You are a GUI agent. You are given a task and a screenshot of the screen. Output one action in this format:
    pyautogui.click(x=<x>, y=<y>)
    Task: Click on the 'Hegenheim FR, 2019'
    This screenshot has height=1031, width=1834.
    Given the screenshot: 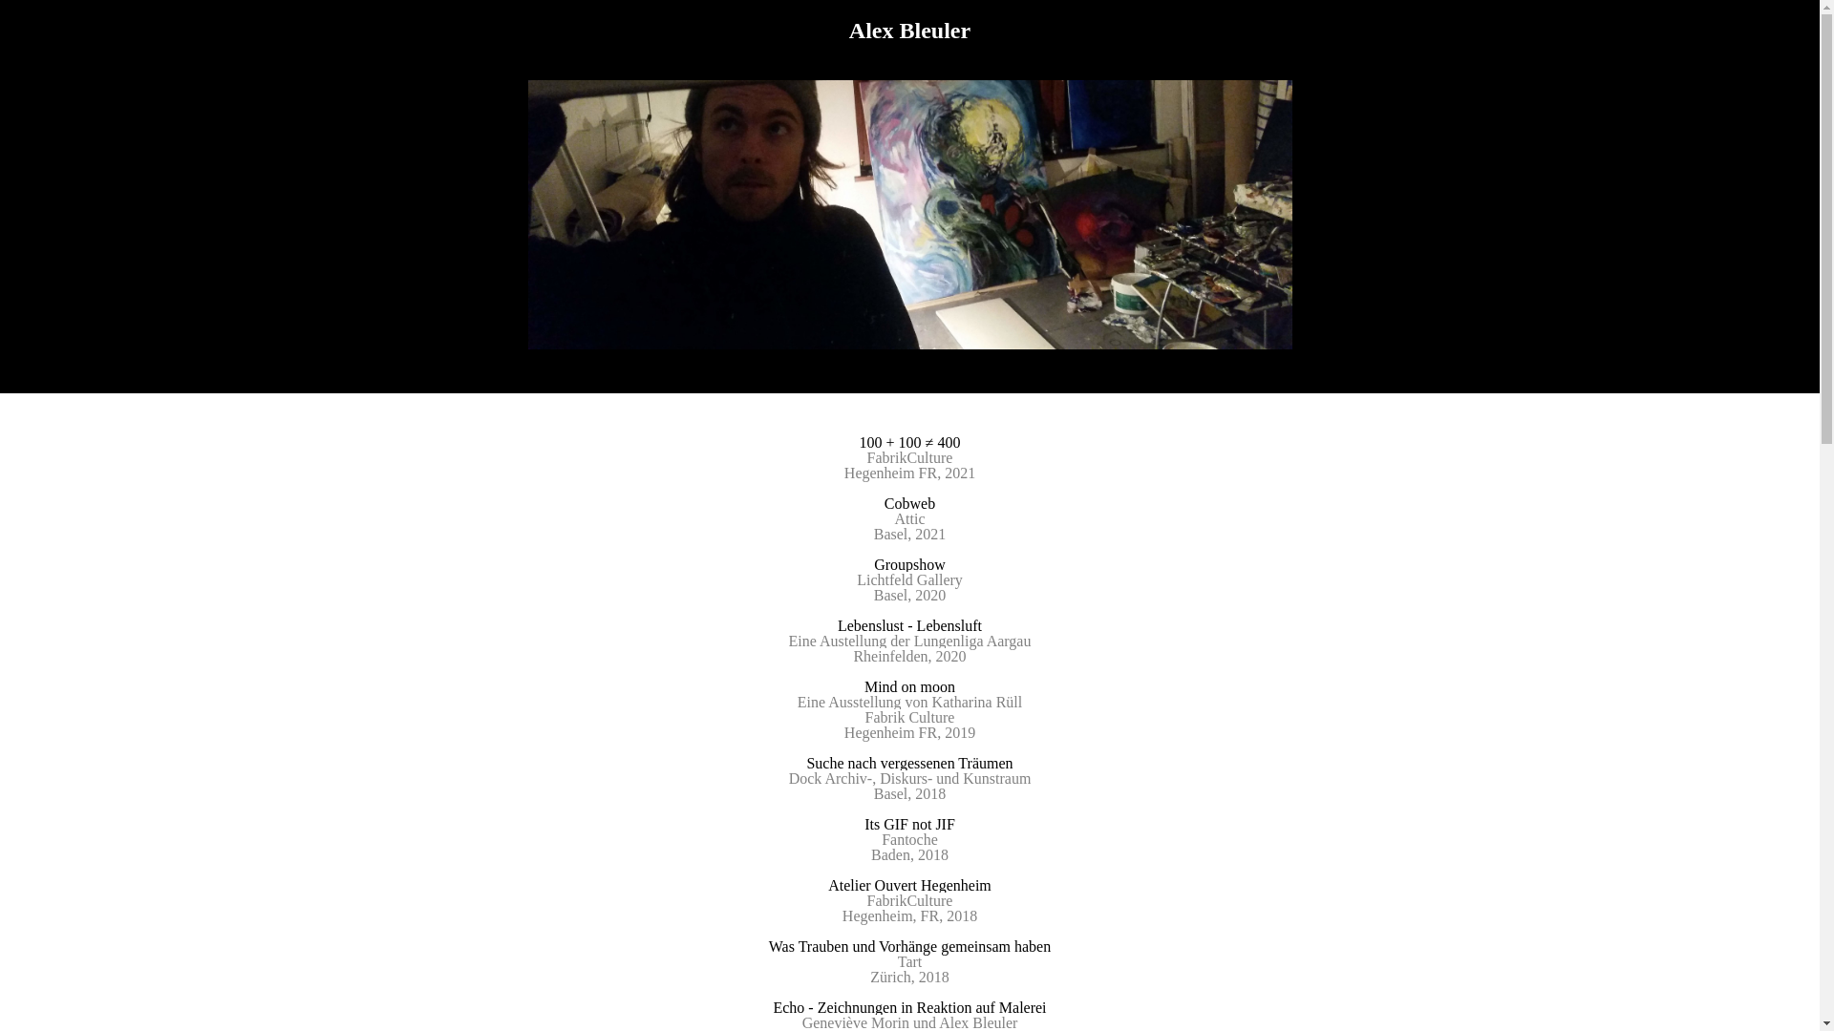 What is the action you would take?
    pyautogui.click(x=908, y=731)
    